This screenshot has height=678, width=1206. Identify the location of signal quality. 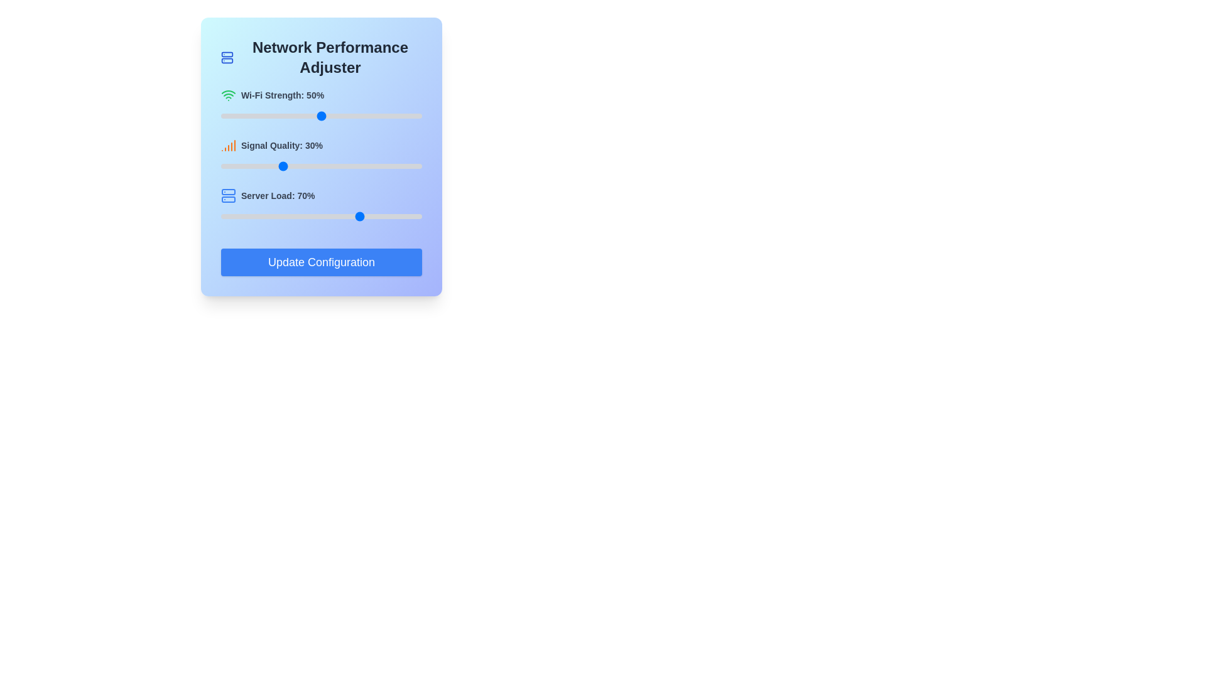
(371, 166).